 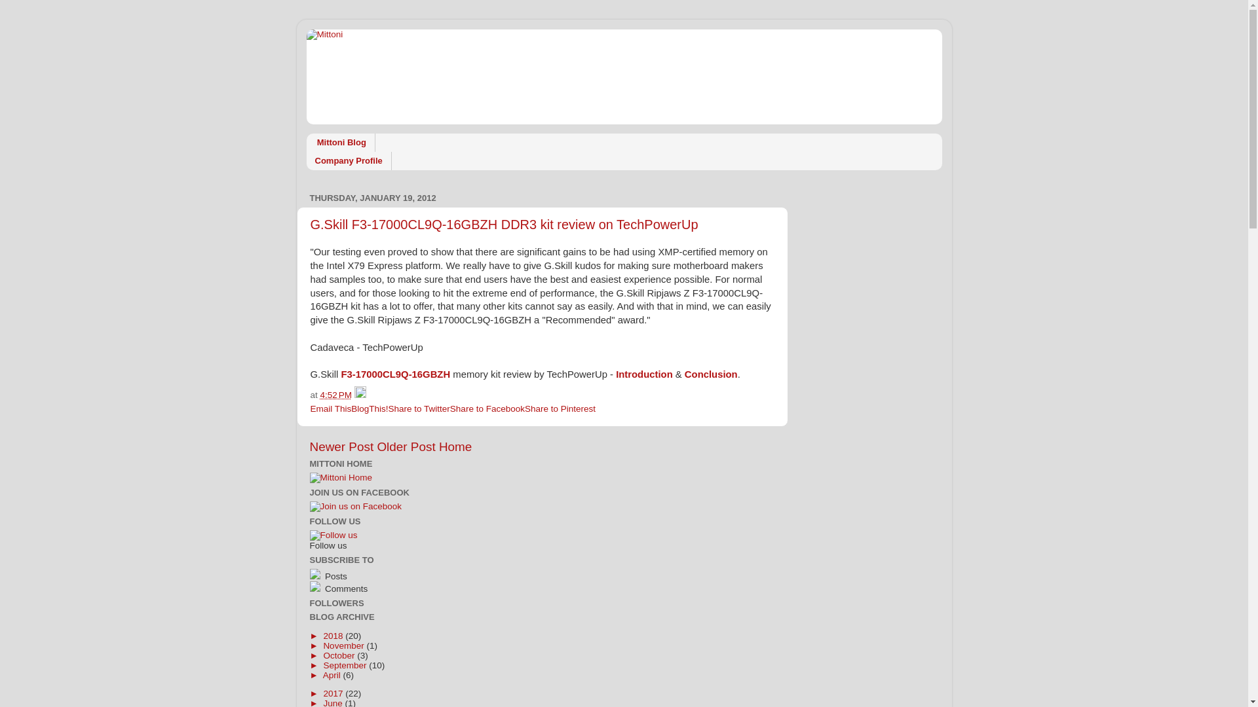 What do you see at coordinates (405, 446) in the screenshot?
I see `'Older Post'` at bounding box center [405, 446].